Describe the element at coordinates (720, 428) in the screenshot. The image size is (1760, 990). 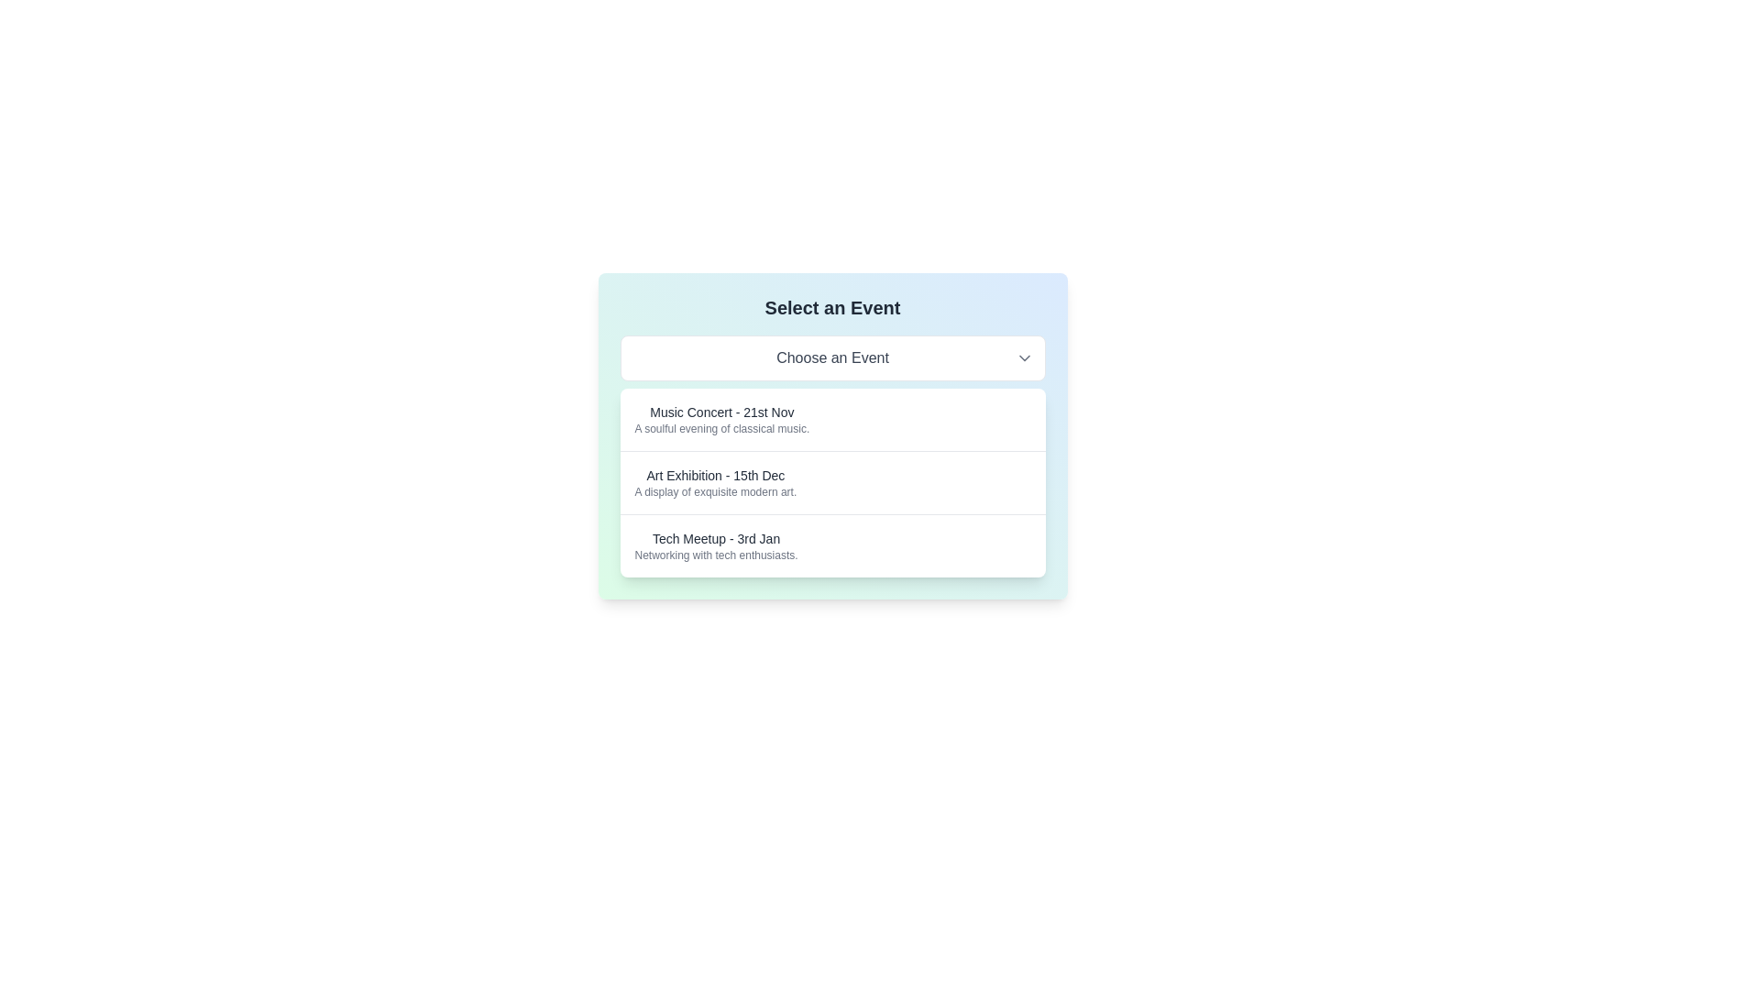
I see `text content of the element displaying 'A soulful evening of classical music.' which is styled in a small font and is located under the 'Music Concert - 21st Nov.' listing in the dropdown menu` at that location.